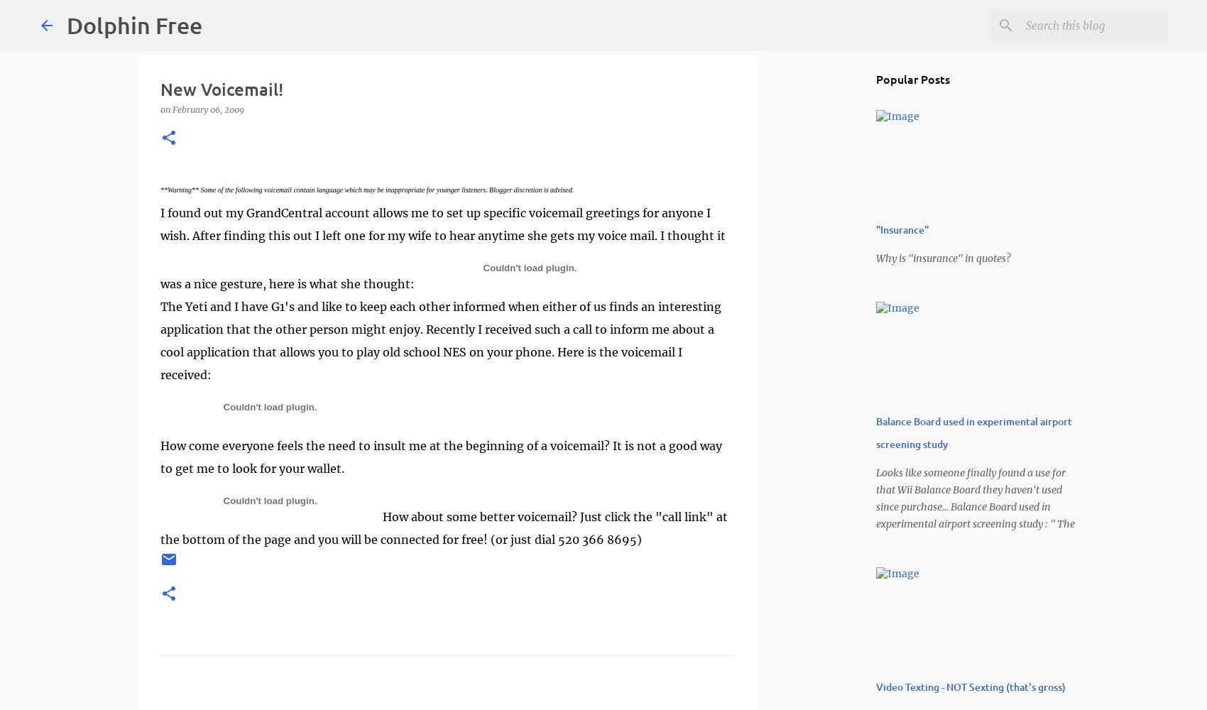 This screenshot has height=710, width=1207. I want to click on 'How come everyone feels the need to insult me at the beginning of a voicemail? It is not a good way to get me to look for your wallet.', so click(440, 457).